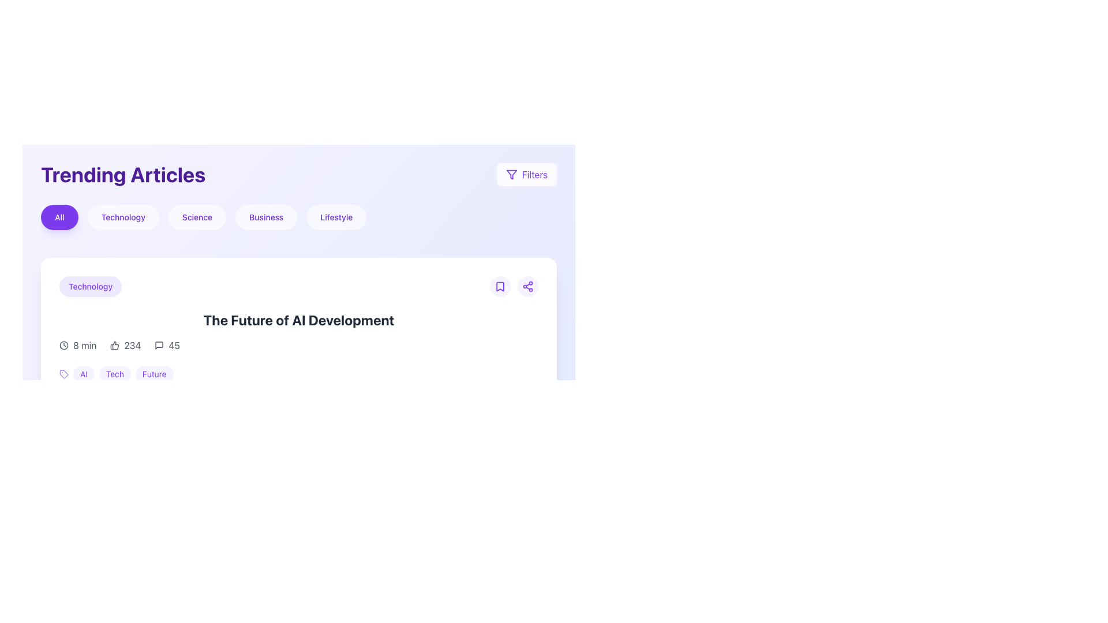 This screenshot has height=623, width=1108. What do you see at coordinates (83, 374) in the screenshot?
I see `the 'AI' tag label to filter content related to 'AI' under the article titled 'The Future of AI Development'` at bounding box center [83, 374].